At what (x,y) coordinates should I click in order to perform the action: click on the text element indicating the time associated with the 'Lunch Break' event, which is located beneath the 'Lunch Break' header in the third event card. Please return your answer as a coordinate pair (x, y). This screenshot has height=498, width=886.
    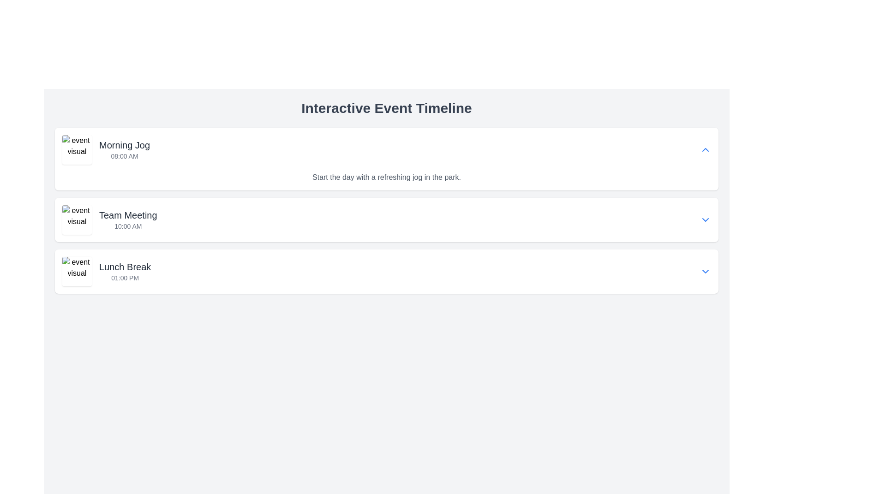
    Looking at the image, I should click on (125, 277).